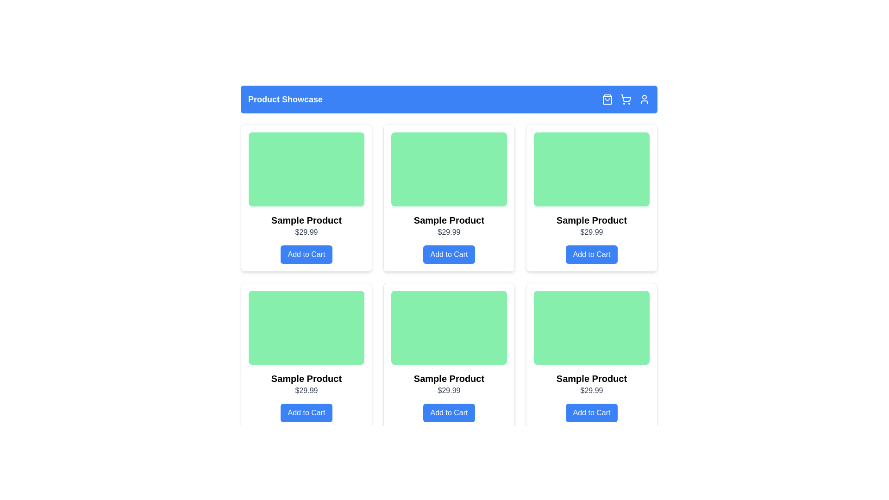 The height and width of the screenshot is (500, 889). I want to click on the button that adds 'Sample Product' to the shopping cart, located at the bottom of the card for the third product in the upper row of the grid layout, so click(591, 255).